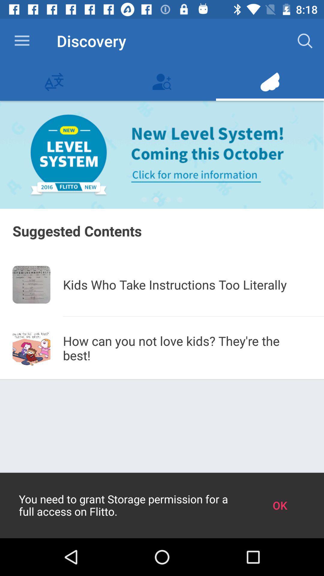  What do you see at coordinates (22, 40) in the screenshot?
I see `the app next to discovery app` at bounding box center [22, 40].